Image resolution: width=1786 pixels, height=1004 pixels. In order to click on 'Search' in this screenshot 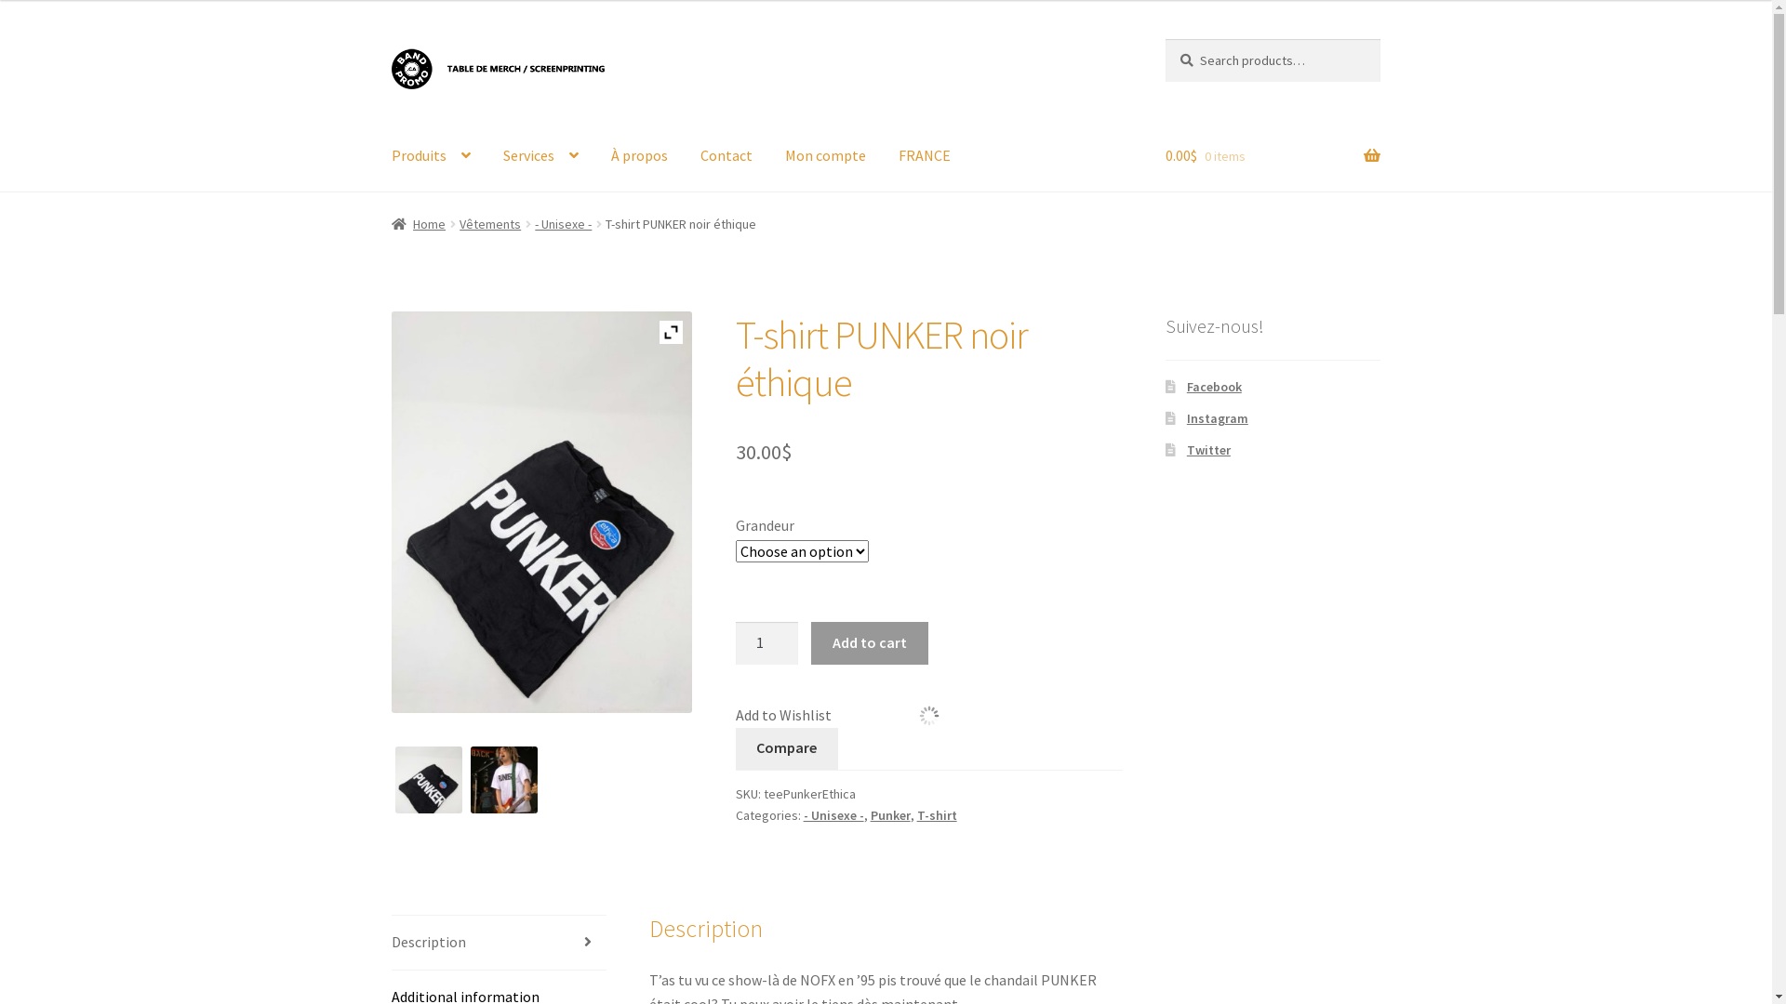, I will do `click(1164, 38)`.